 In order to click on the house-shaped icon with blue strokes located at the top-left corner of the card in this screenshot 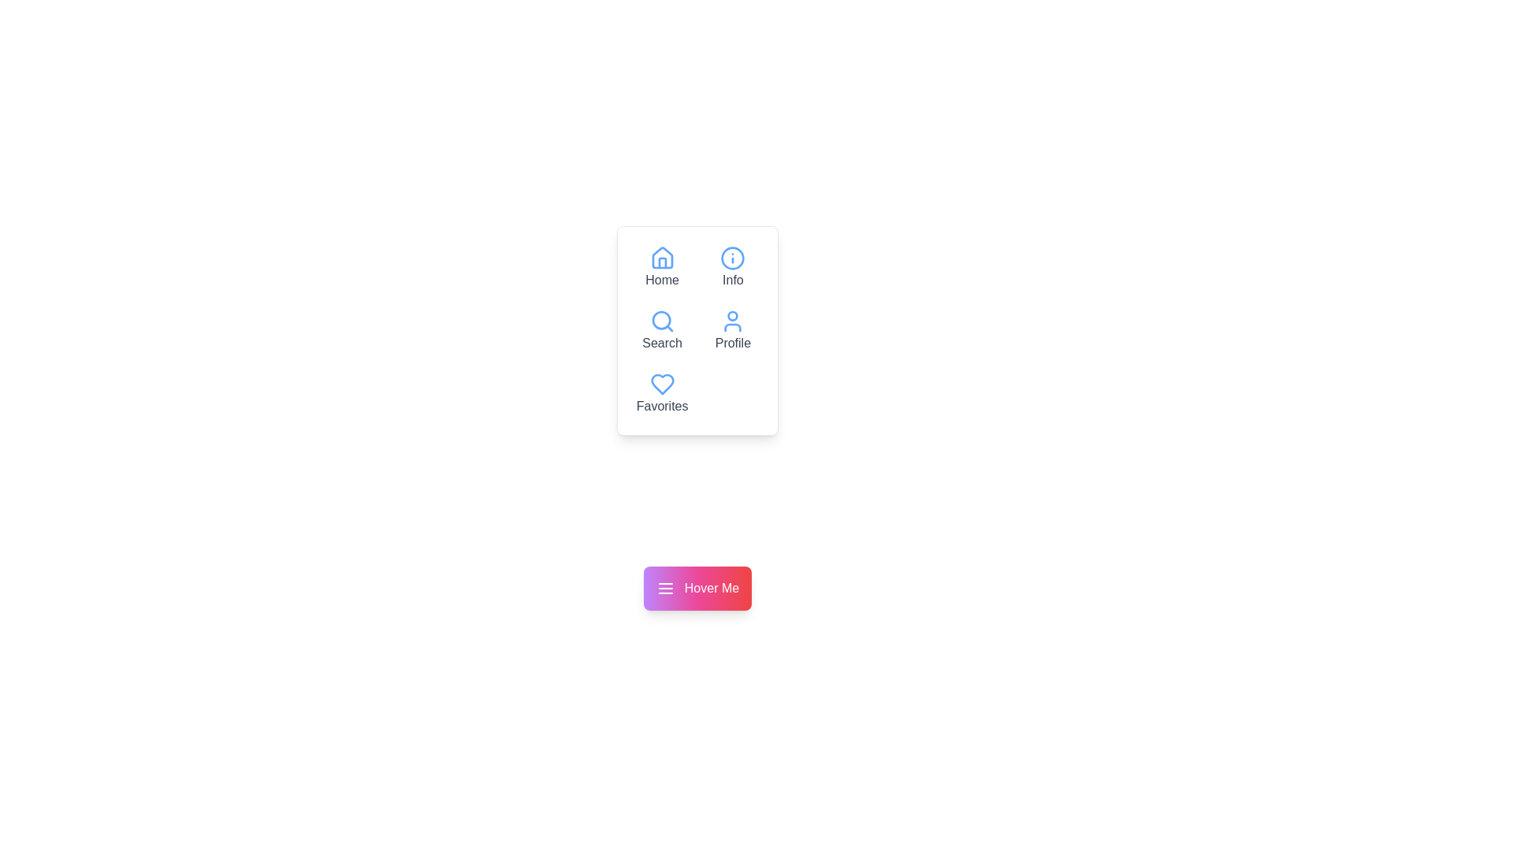, I will do `click(662, 257)`.